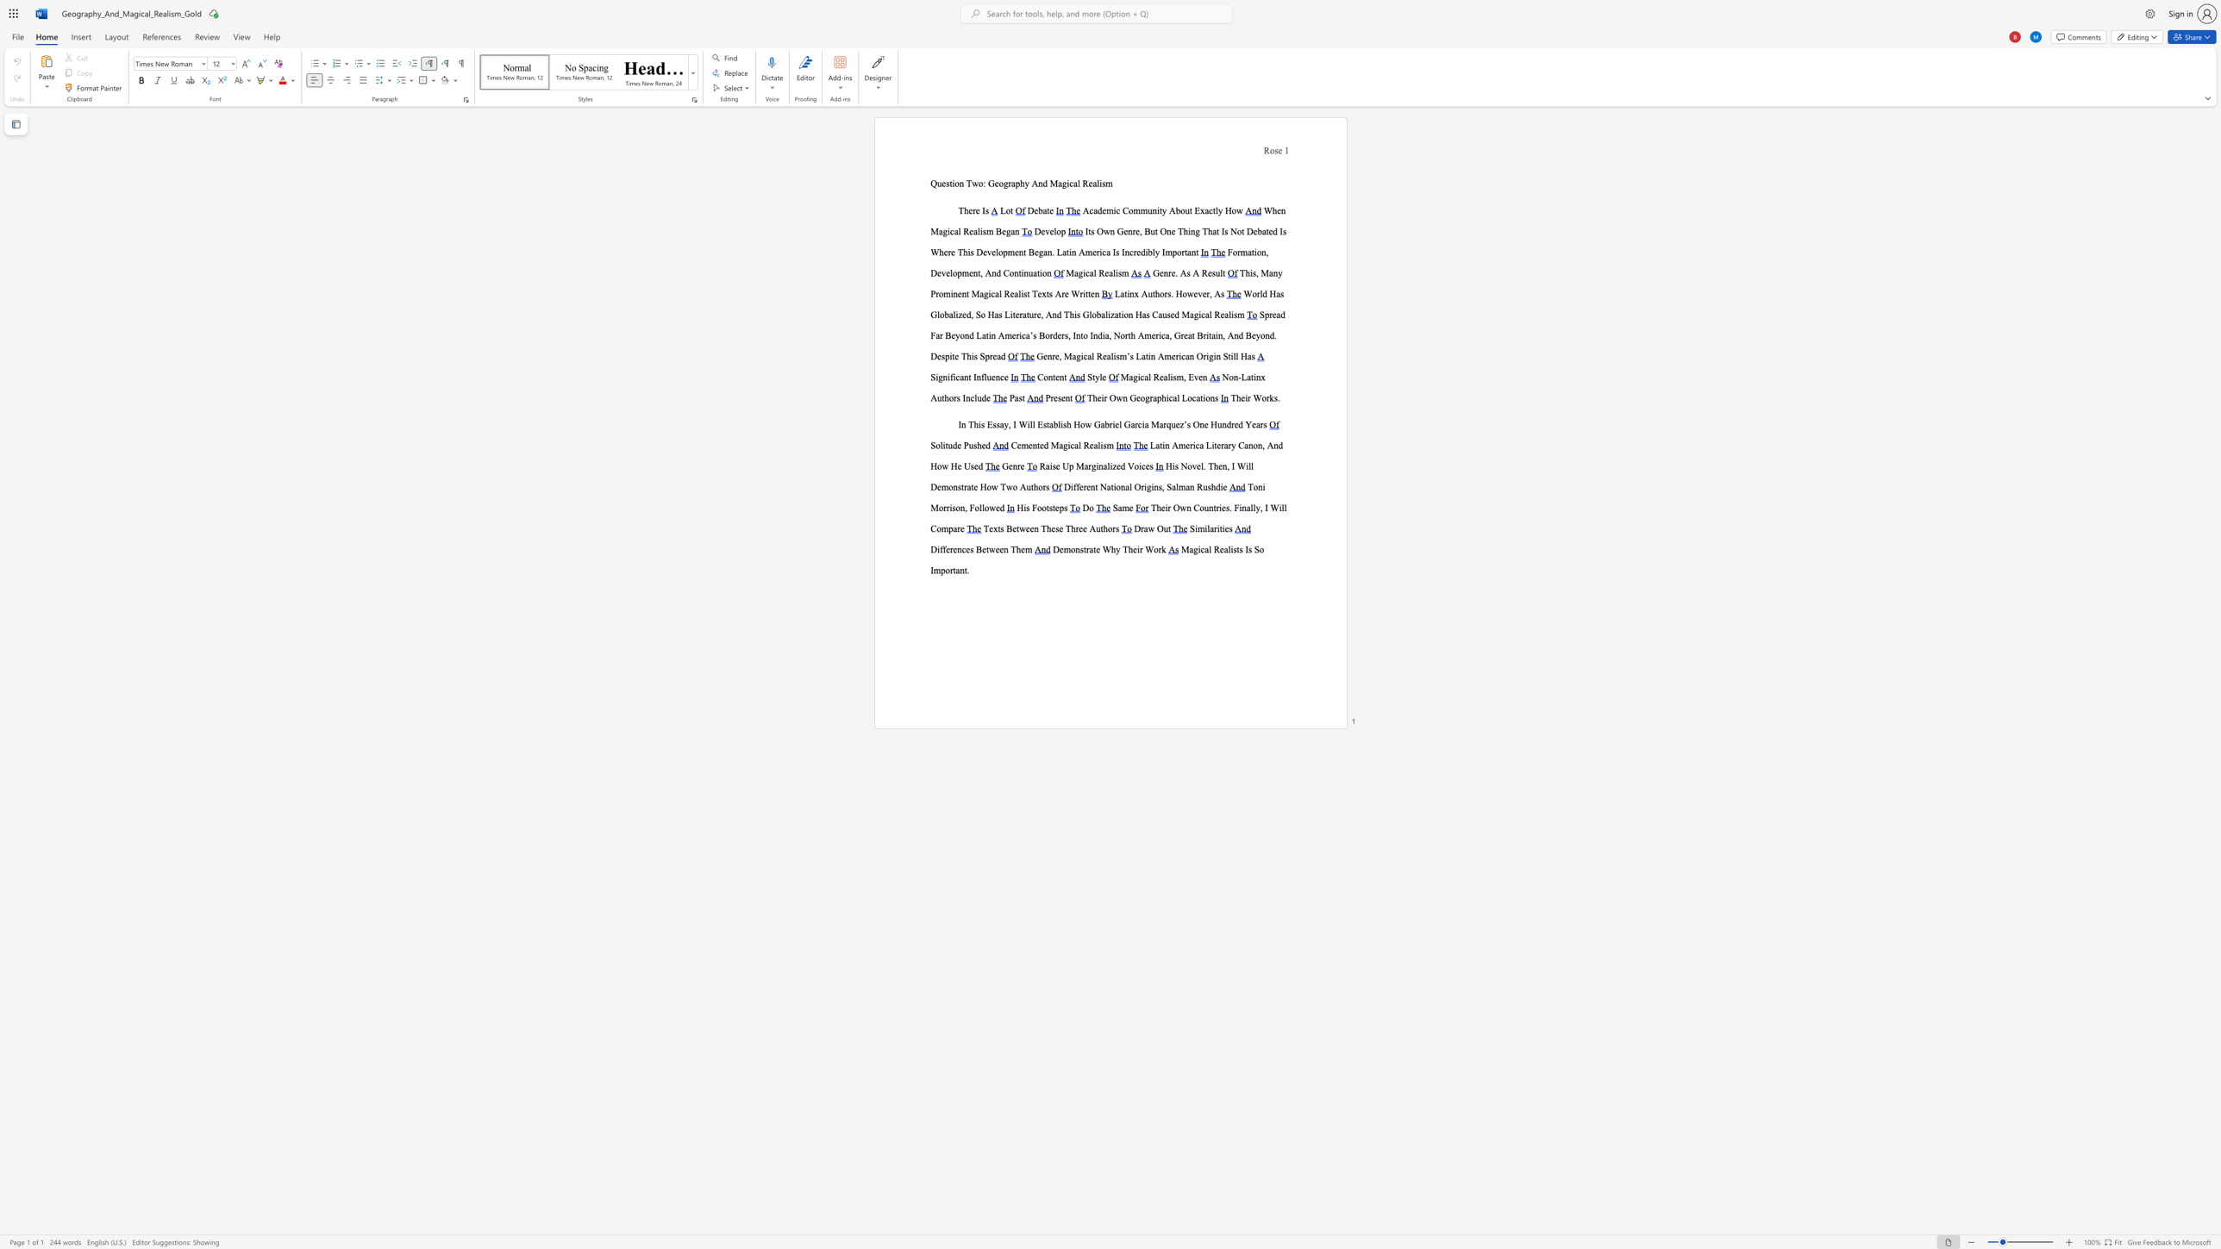 Image resolution: width=2221 pixels, height=1249 pixels. Describe the element at coordinates (1028, 251) in the screenshot. I see `the subset text "Began. Latin Americ" within the text "Its Own Genre, But One Thing That Is Not Debated Is Where This Development Began. Latin America Is Incredibly Important"` at that location.